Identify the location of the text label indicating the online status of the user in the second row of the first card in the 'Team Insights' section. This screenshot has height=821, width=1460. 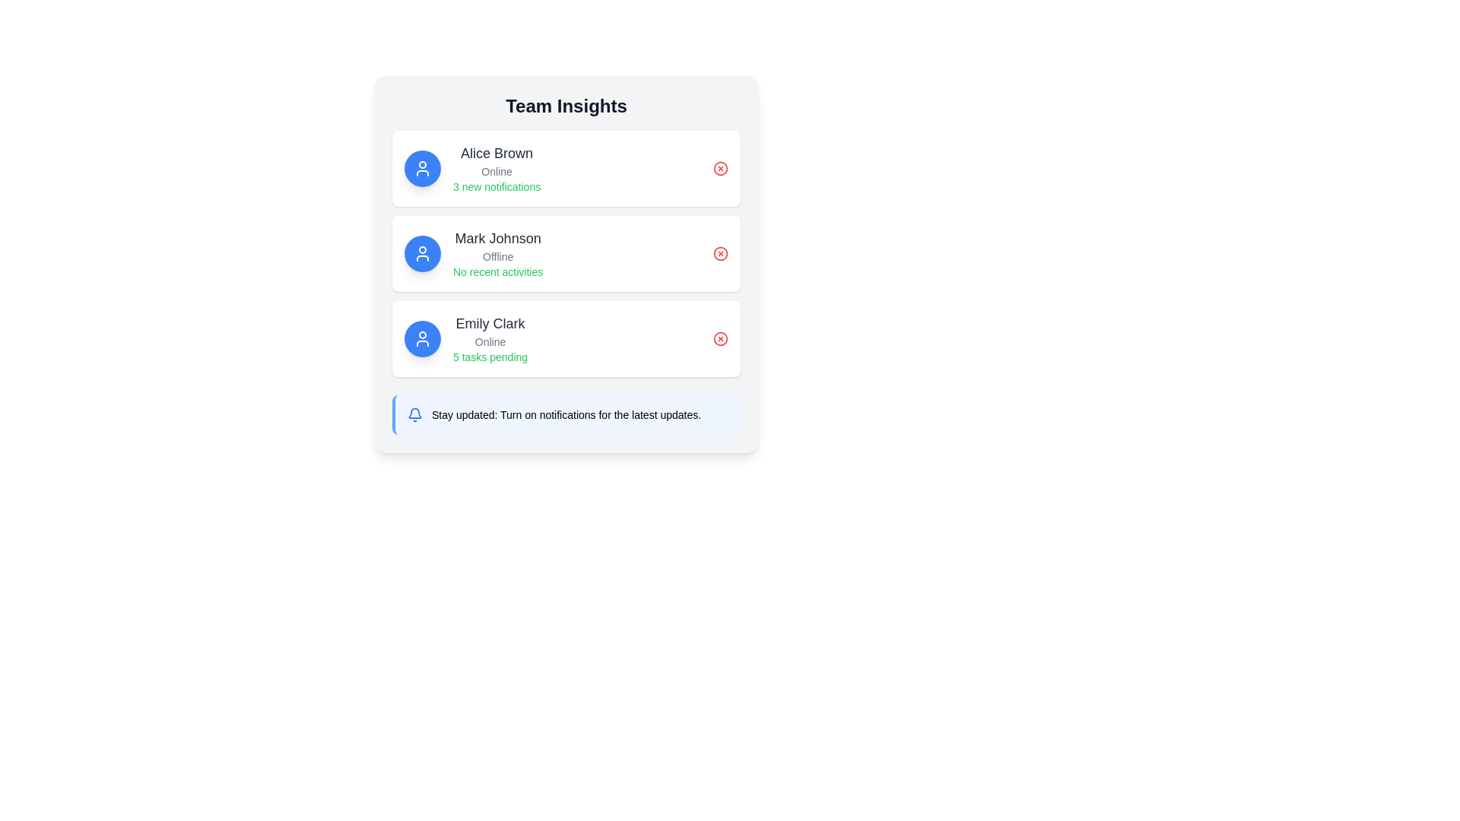
(497, 171).